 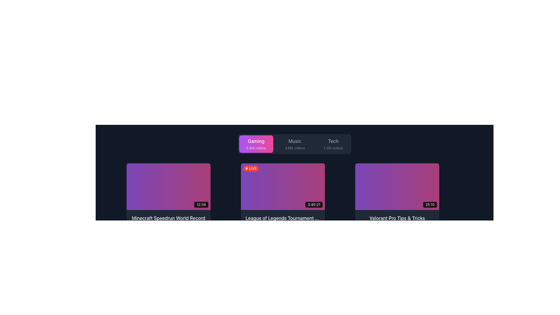 What do you see at coordinates (251, 169) in the screenshot?
I see `the animation effect of the Badge Label that indicates live streaming, located in the top-left corner of the video thumbnail overlaying the duration label '3:45:21'` at bounding box center [251, 169].